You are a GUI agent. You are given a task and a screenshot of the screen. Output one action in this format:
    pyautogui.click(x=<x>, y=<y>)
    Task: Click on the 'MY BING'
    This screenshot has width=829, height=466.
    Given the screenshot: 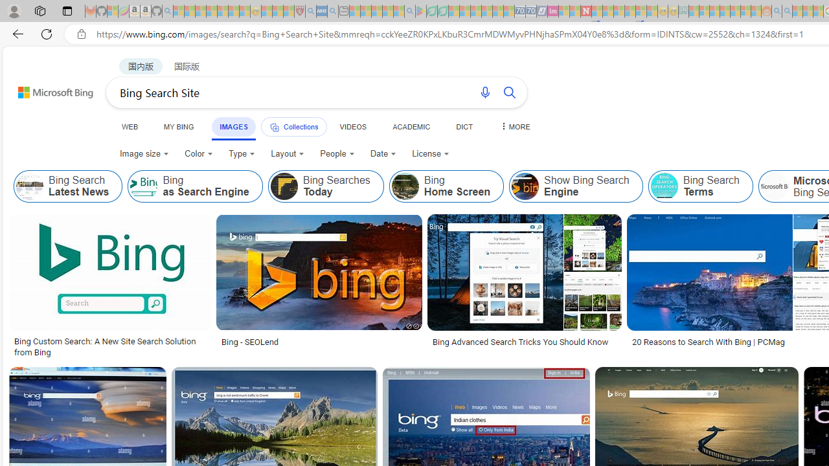 What is the action you would take?
    pyautogui.click(x=178, y=126)
    